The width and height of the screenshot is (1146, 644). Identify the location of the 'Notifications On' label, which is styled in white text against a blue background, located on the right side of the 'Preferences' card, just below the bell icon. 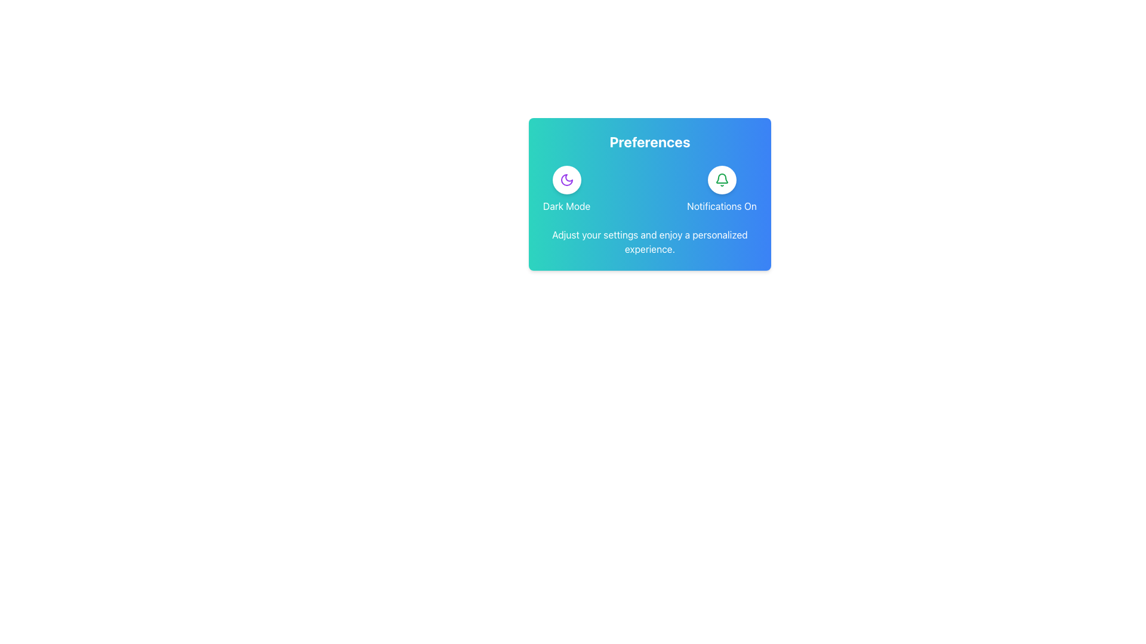
(721, 206).